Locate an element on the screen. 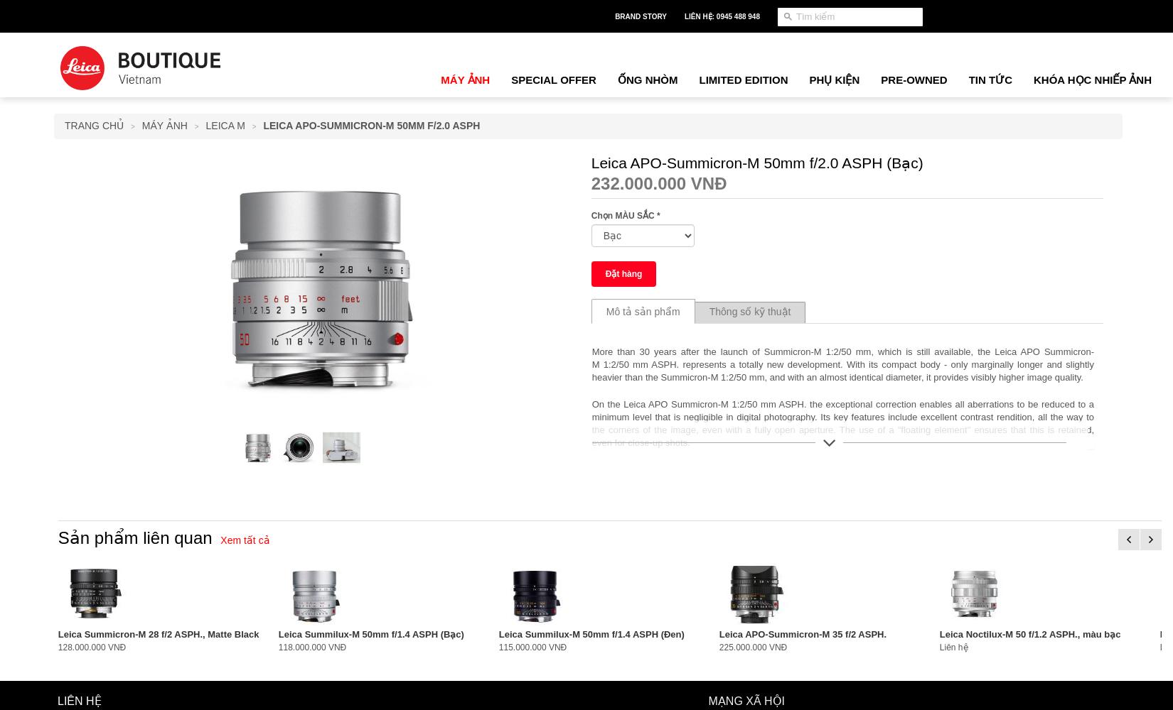 This screenshot has width=1173, height=710. 'Thông số kỹ thuật' is located at coordinates (749, 311).